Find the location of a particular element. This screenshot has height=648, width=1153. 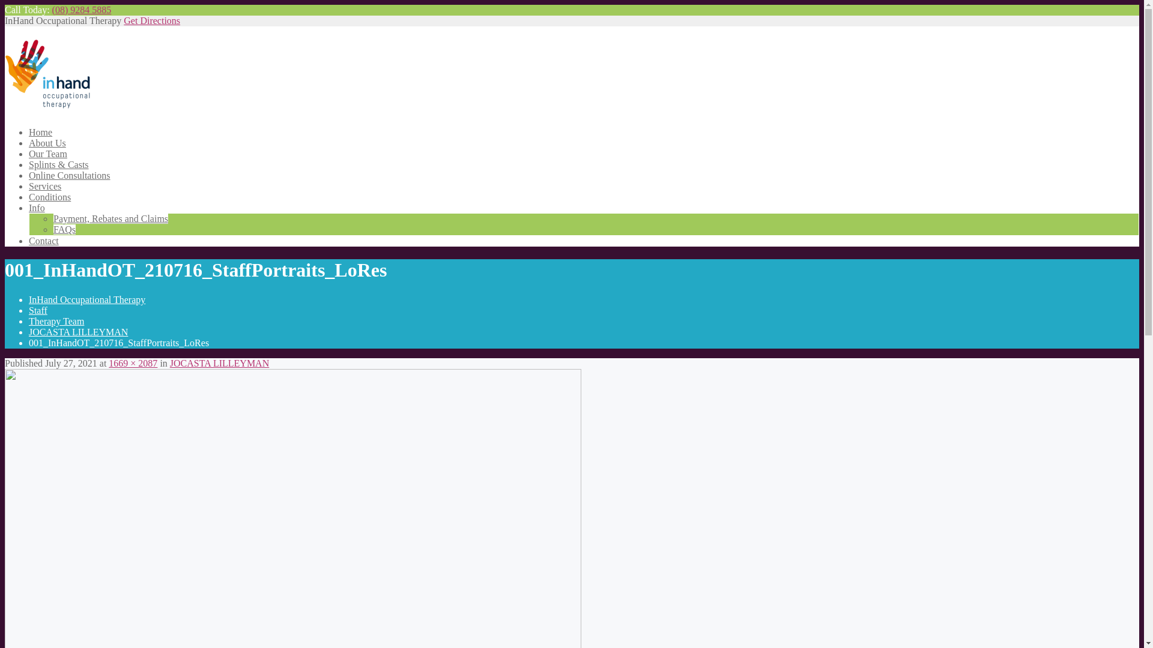

'Staff' is located at coordinates (38, 310).